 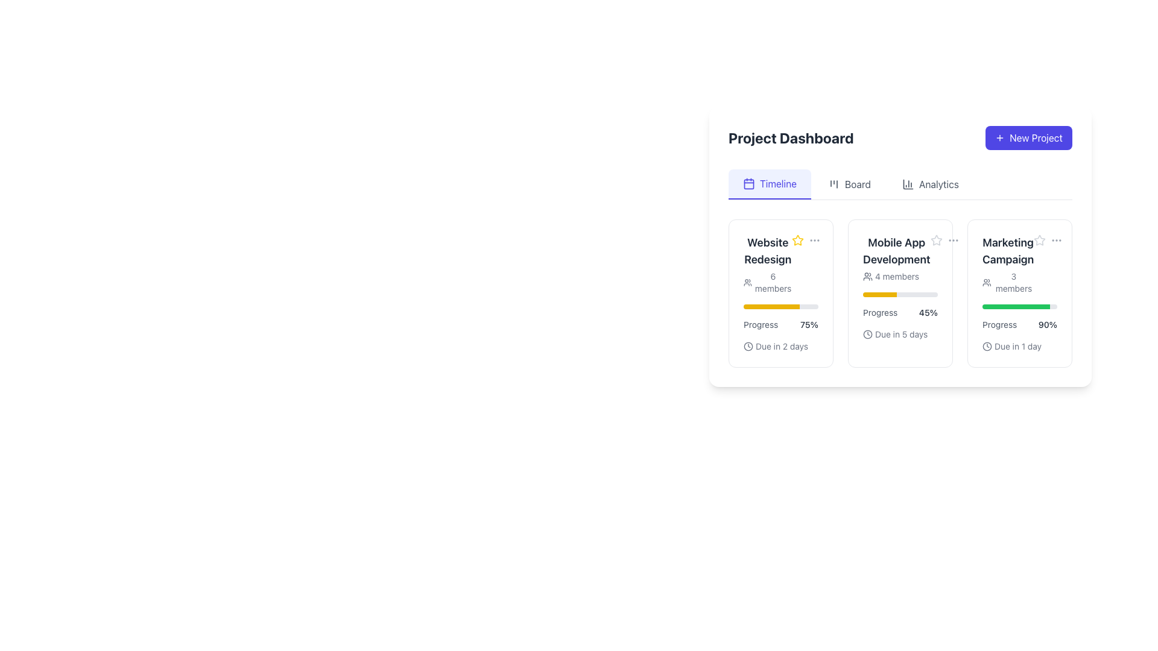 I want to click on the Decorative SVG Icon representing analytics data, which is the leftmost bar in a series of three vertical bars within the analytics tab header, so click(x=908, y=184).